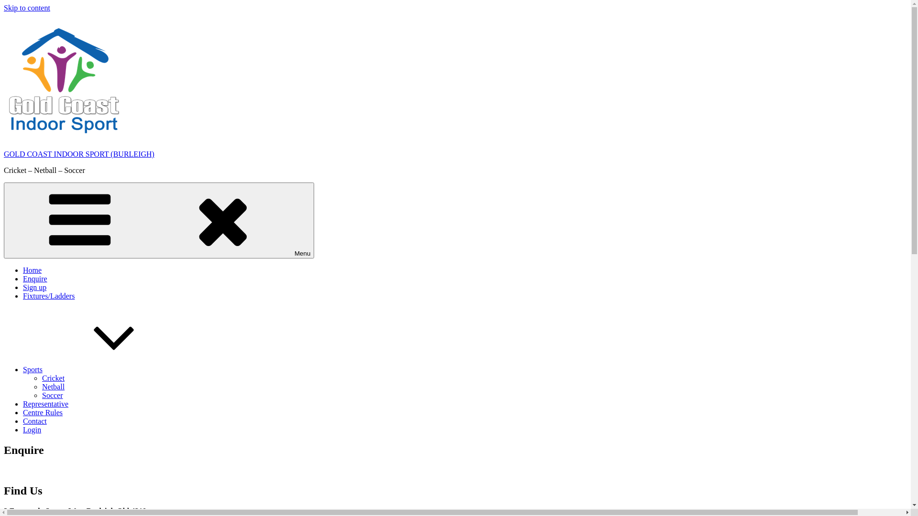  What do you see at coordinates (104, 369) in the screenshot?
I see `'Sports'` at bounding box center [104, 369].